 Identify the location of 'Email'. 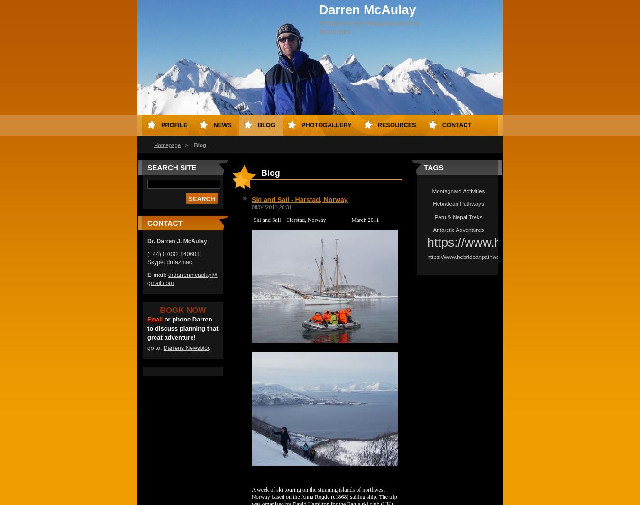
(154, 320).